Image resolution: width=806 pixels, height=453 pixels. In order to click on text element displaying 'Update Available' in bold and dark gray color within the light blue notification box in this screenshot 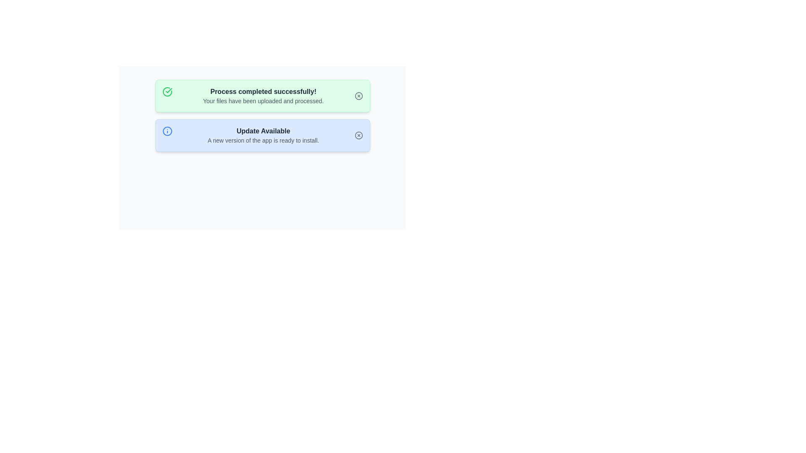, I will do `click(263, 131)`.